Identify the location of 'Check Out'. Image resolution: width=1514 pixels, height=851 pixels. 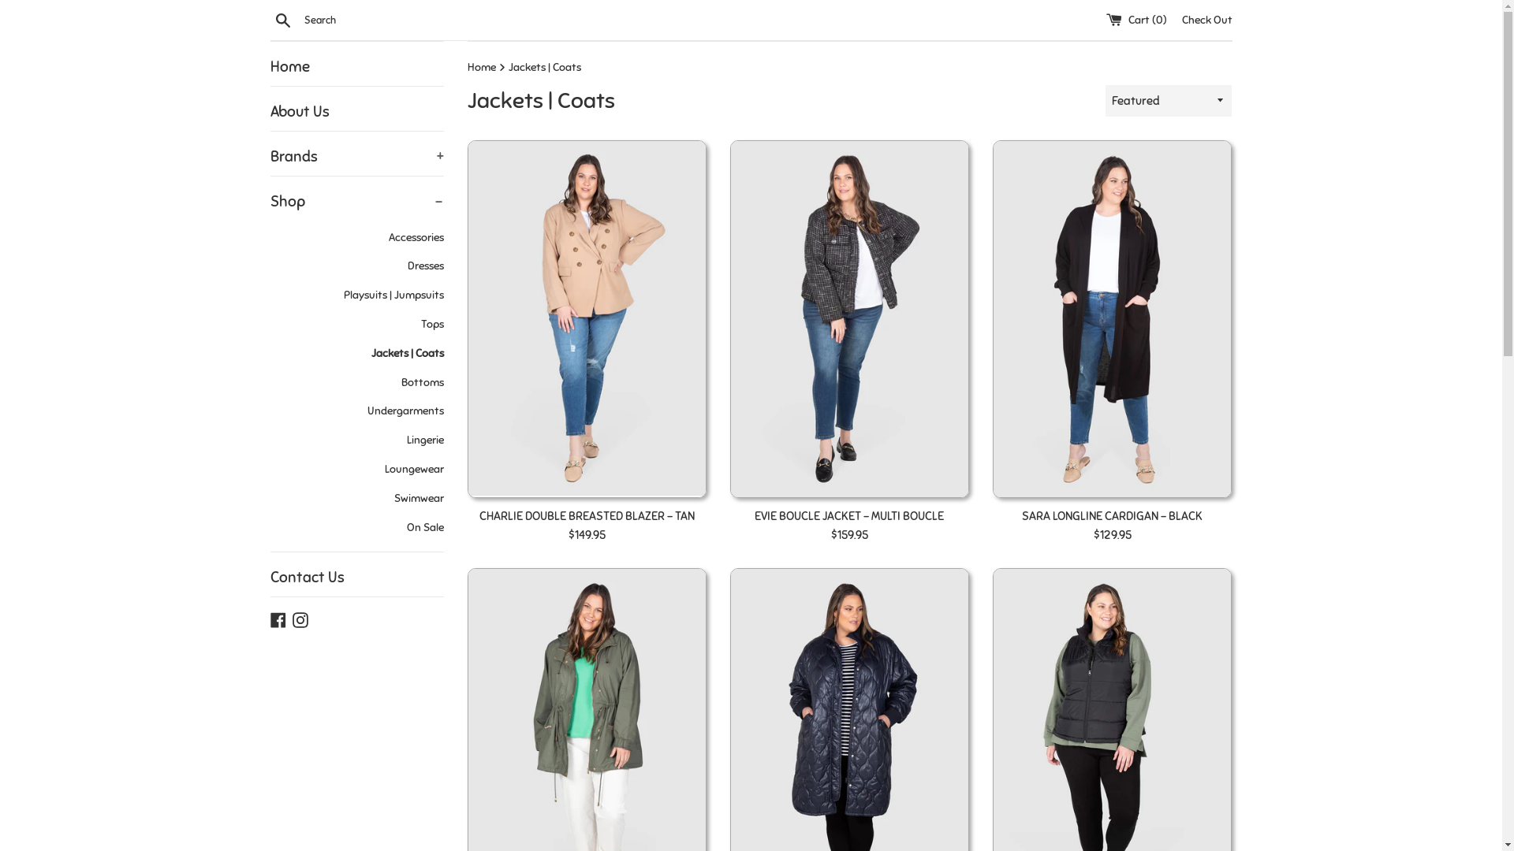
(1206, 19).